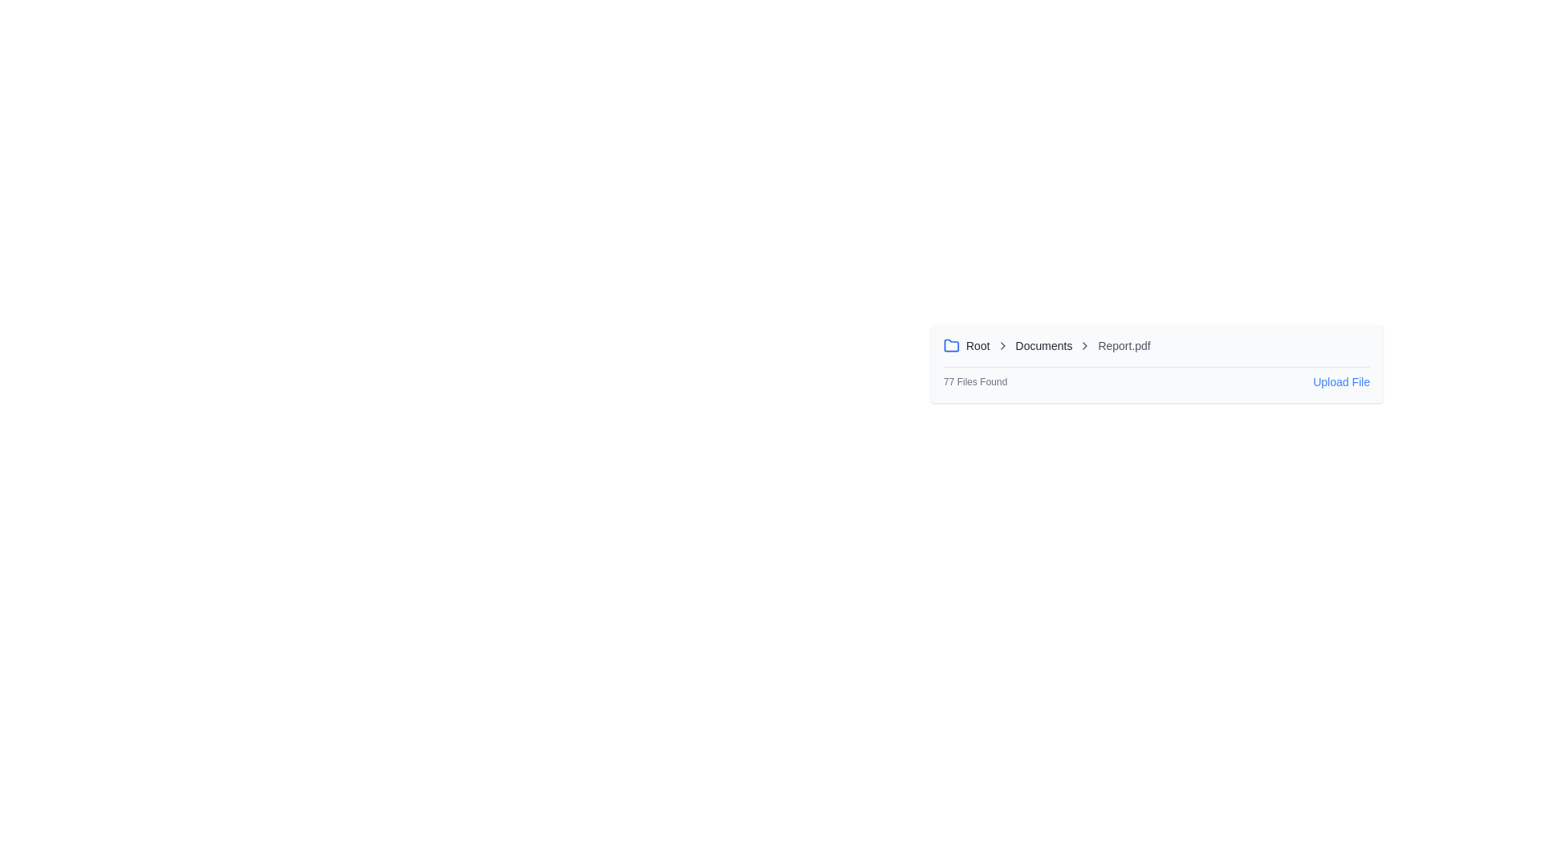 Image resolution: width=1542 pixels, height=867 pixels. What do you see at coordinates (1085, 345) in the screenshot?
I see `the third chevron arrow icon in the breadcrumb navigation that indicates the transition from 'Documents' to 'Report.pdf'` at bounding box center [1085, 345].